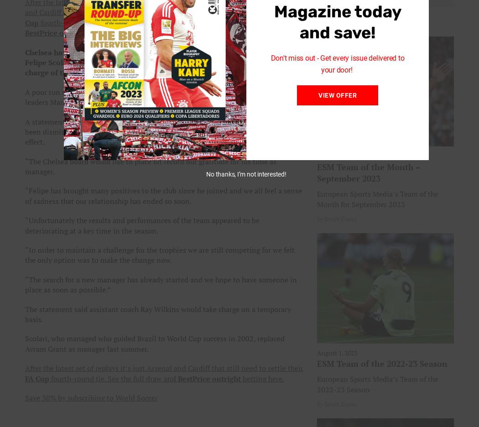 Image resolution: width=479 pixels, height=427 pixels. I want to click on 'August 1, 2023', so click(336, 352).